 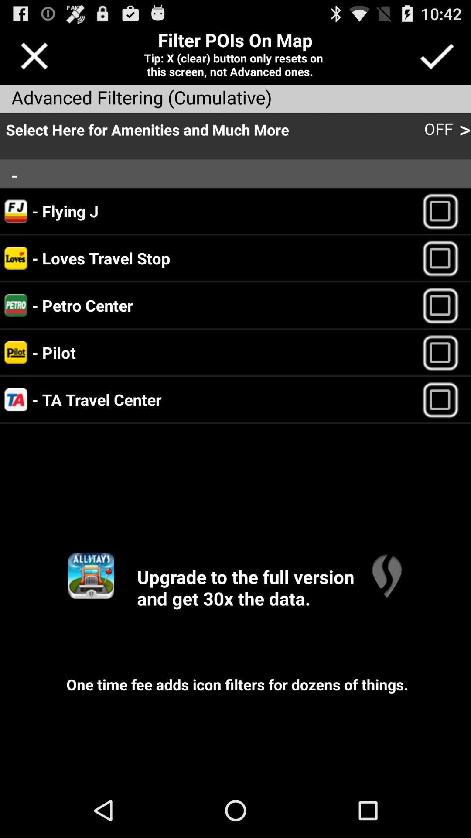 I want to click on click for select opition, so click(x=444, y=258).